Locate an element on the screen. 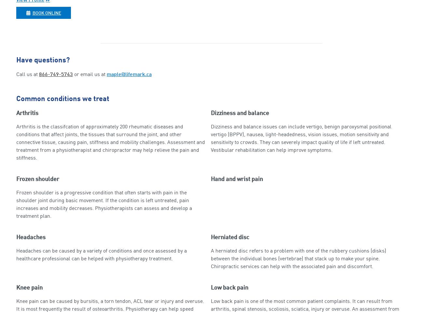  'Dizziness and balance' is located at coordinates (240, 113).